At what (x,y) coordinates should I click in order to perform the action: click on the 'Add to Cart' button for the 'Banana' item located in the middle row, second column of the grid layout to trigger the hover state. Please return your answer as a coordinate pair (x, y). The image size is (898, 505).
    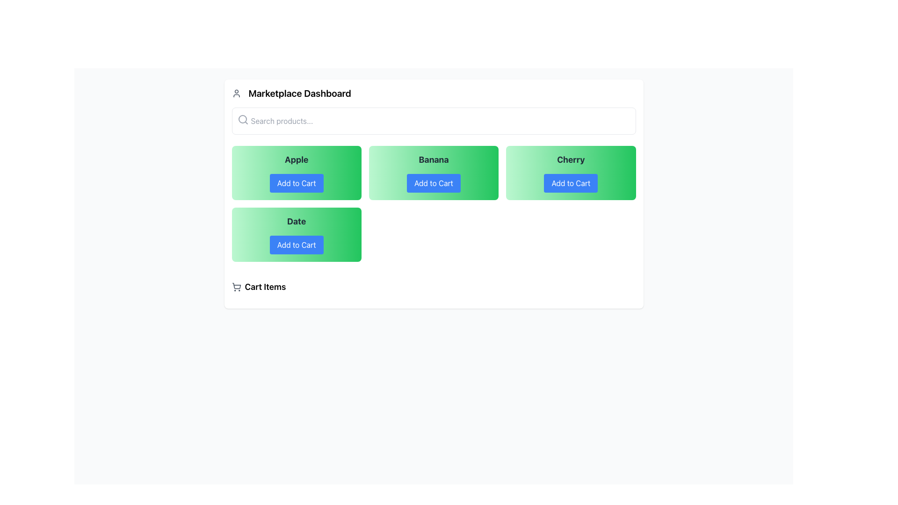
    Looking at the image, I should click on (433, 183).